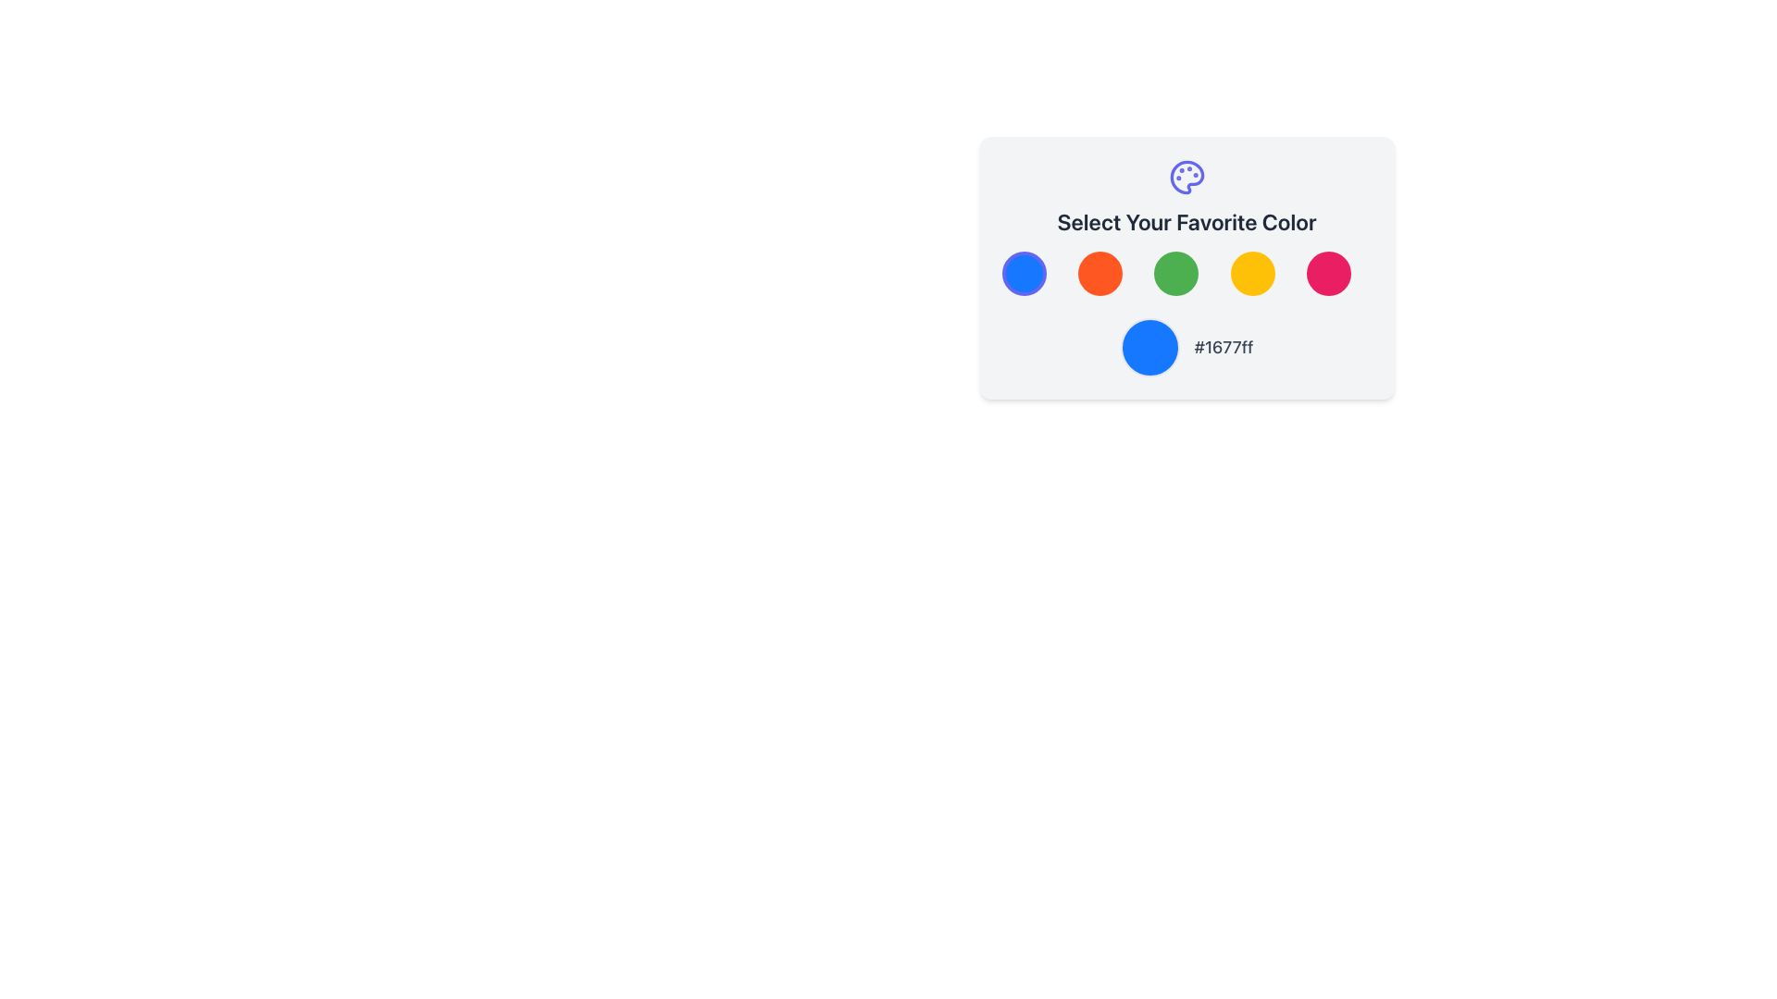  What do you see at coordinates (1187, 178) in the screenshot?
I see `the color selection icon located at the top of the card, which is centered above the text 'Select Your Favorite Color'` at bounding box center [1187, 178].